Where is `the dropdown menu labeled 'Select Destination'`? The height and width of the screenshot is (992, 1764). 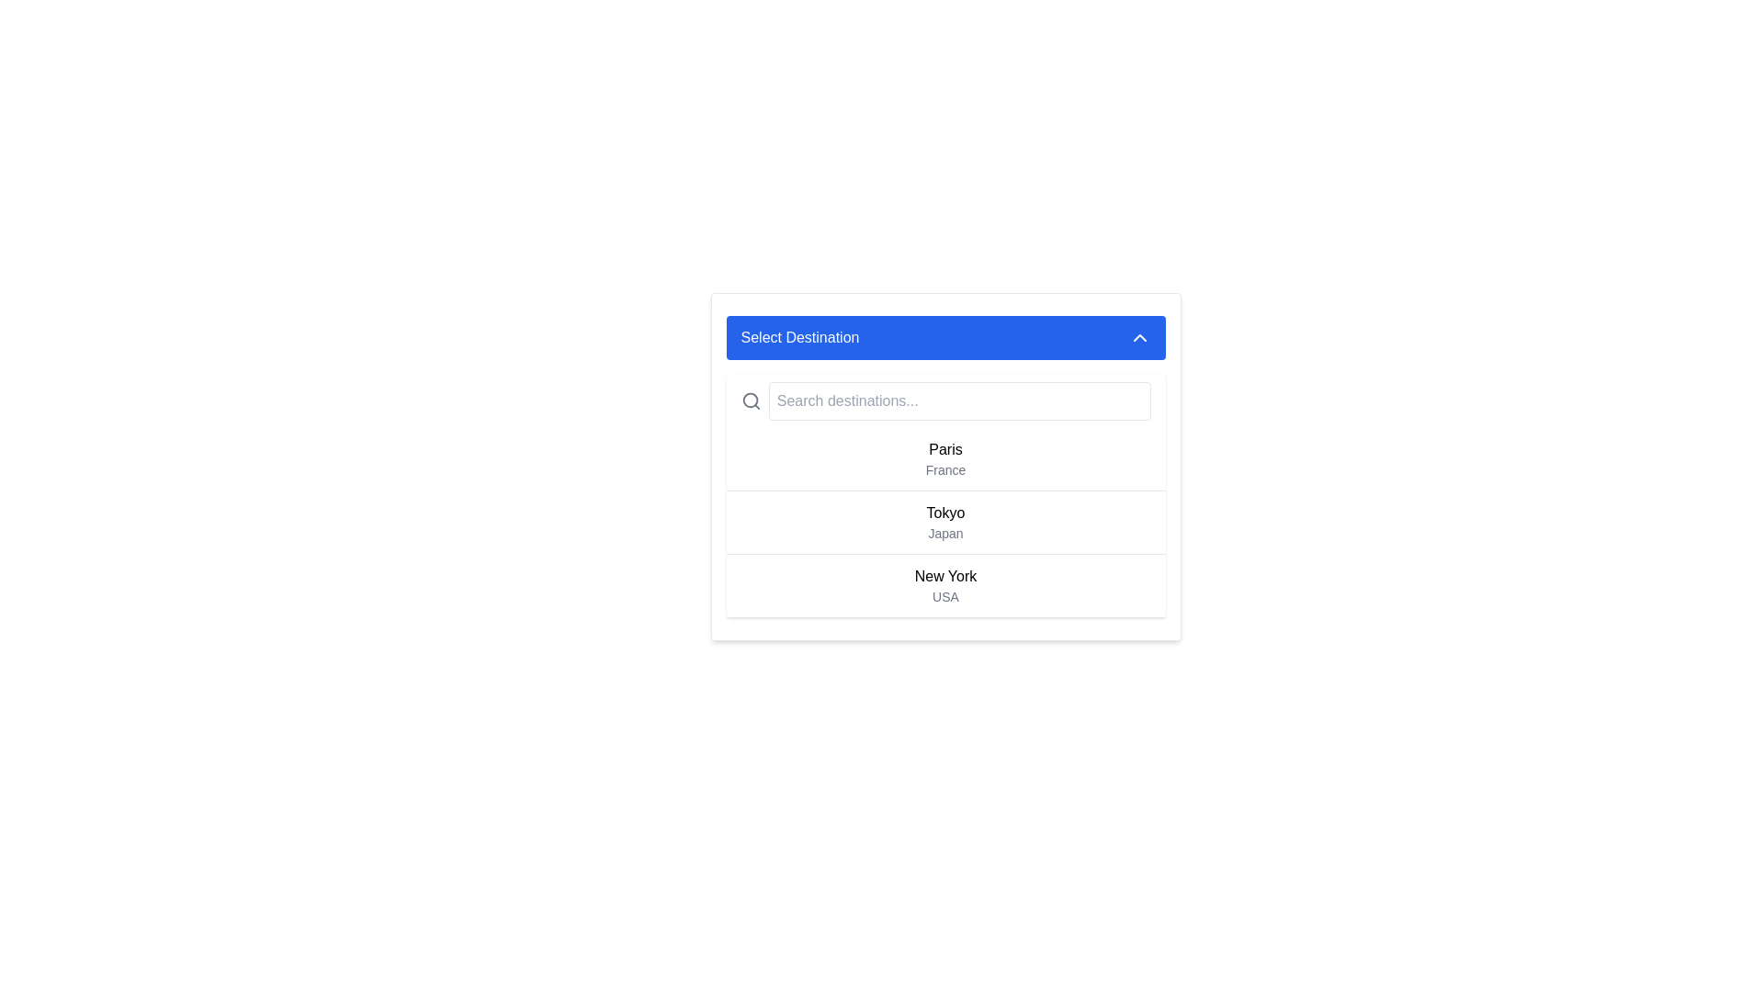 the dropdown menu labeled 'Select Destination' is located at coordinates (945, 466).